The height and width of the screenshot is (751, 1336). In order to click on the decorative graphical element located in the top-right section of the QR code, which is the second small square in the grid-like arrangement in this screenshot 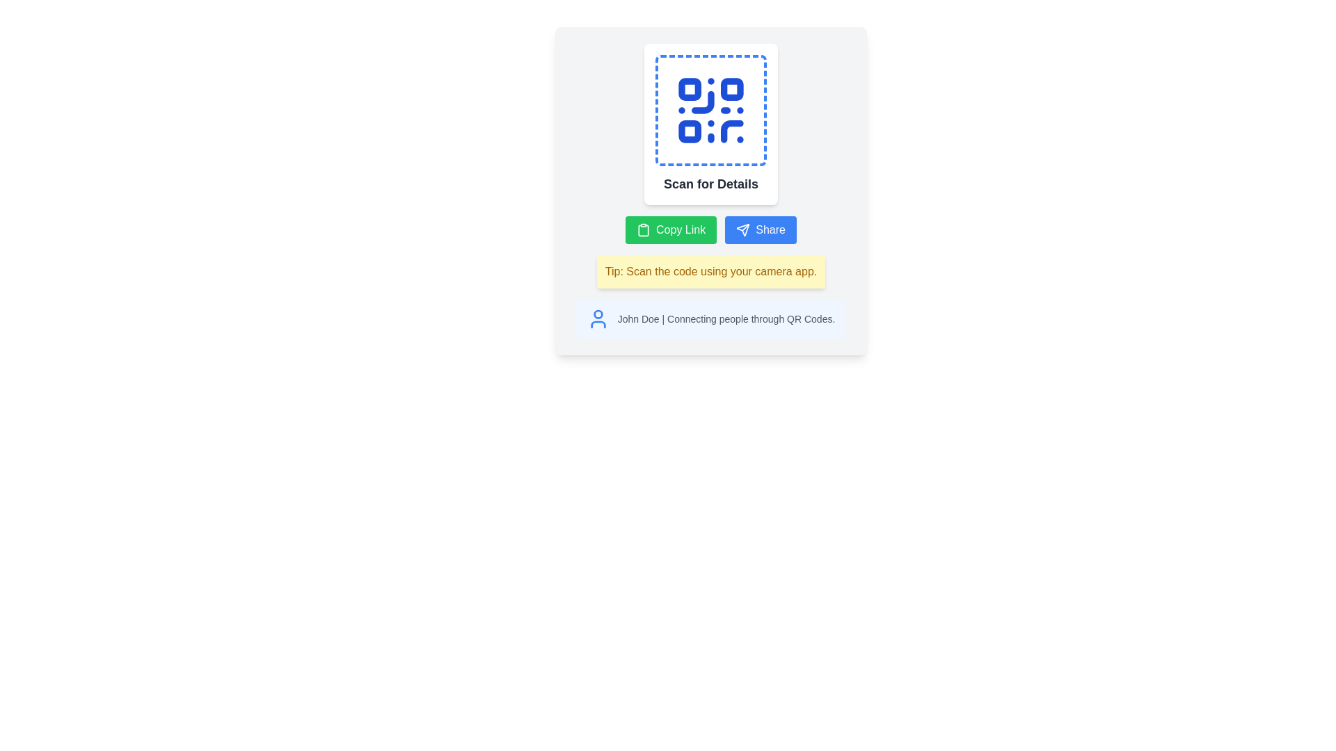, I will do `click(731, 89)`.